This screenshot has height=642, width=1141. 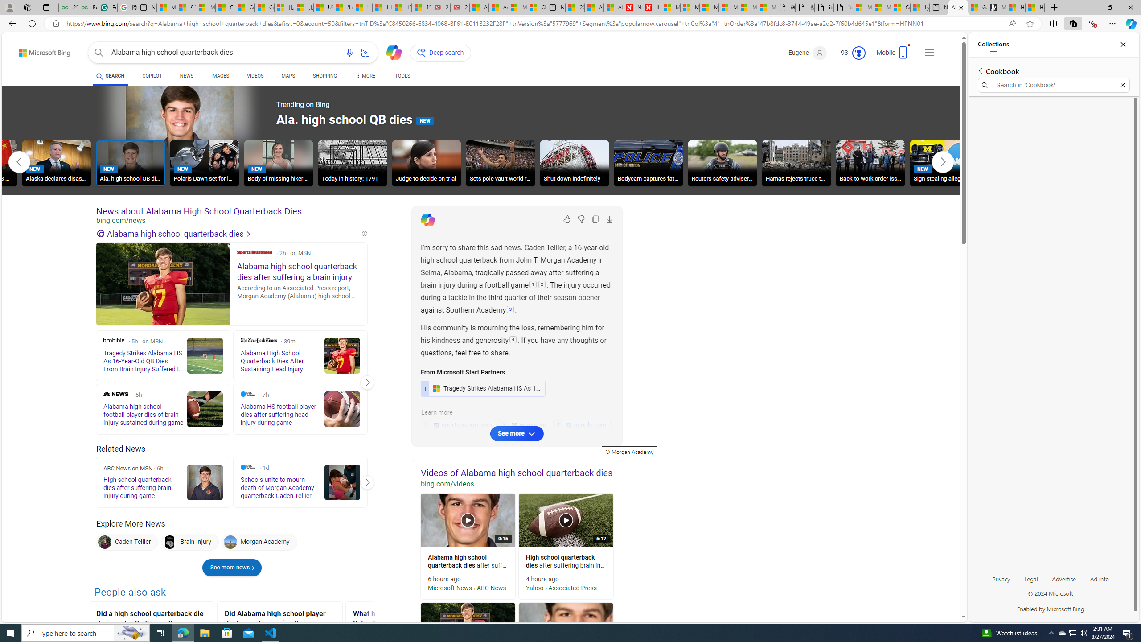 I want to click on '20 Ways to Boost Your Protein Intake at Every Meal', so click(x=575, y=7).